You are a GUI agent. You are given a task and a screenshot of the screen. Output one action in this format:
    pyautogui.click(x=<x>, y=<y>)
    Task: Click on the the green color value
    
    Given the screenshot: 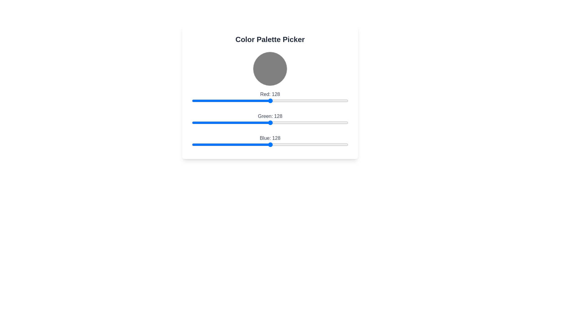 What is the action you would take?
    pyautogui.click(x=316, y=122)
    